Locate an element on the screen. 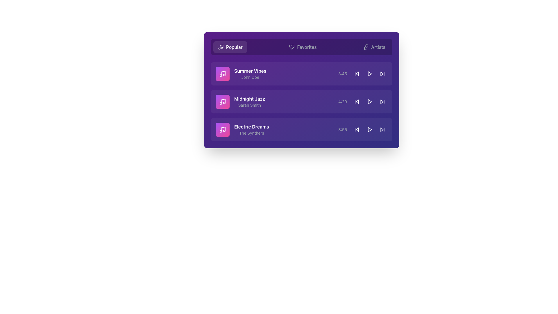 The image size is (558, 314). the 'skip back' icon button, which is a double arrow pointing left, located beside the timestamp '3:45' in the first music list item titled 'Summer Vibes.' is located at coordinates (357, 74).